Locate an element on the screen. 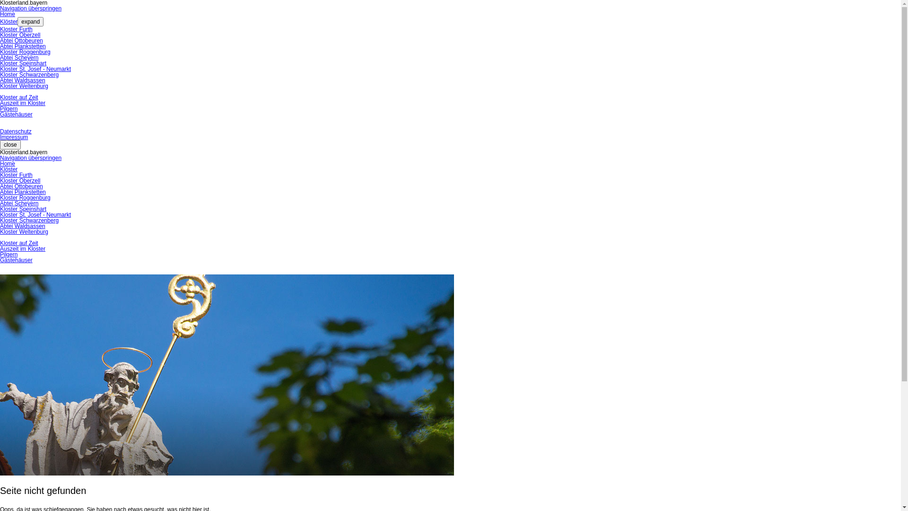  'Kloster auf Zeit' is located at coordinates (19, 97).